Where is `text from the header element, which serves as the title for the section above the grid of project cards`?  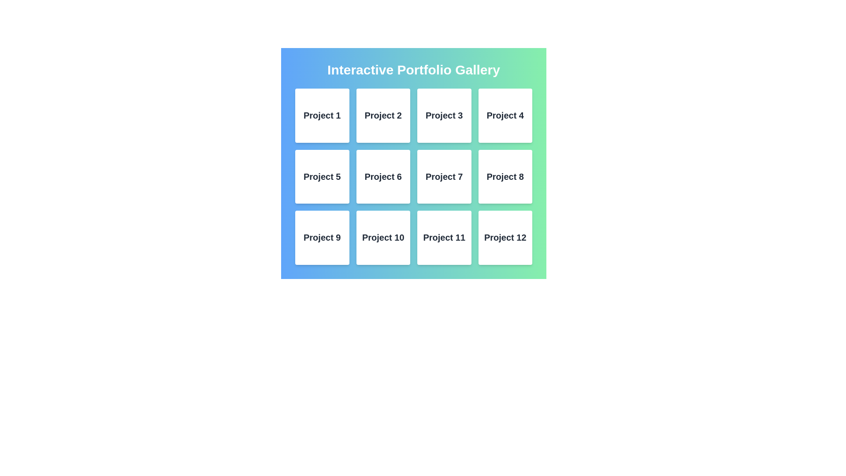 text from the header element, which serves as the title for the section above the grid of project cards is located at coordinates (413, 69).